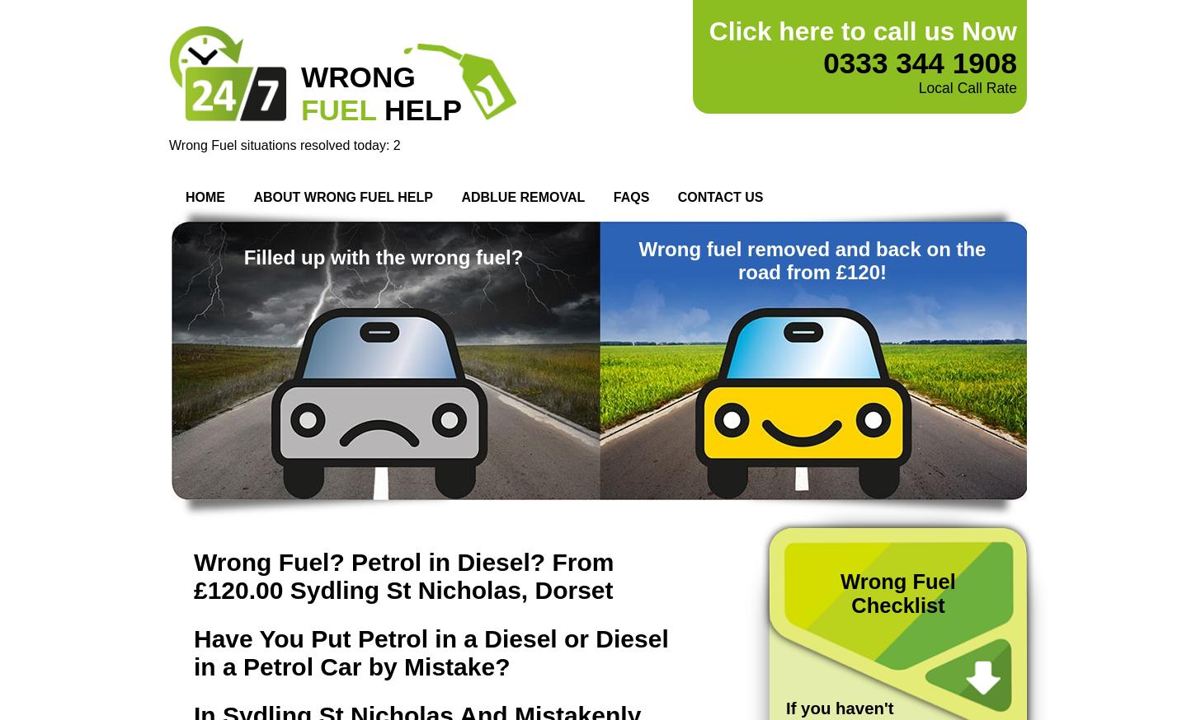  I want to click on 'Contact Us', so click(719, 197).